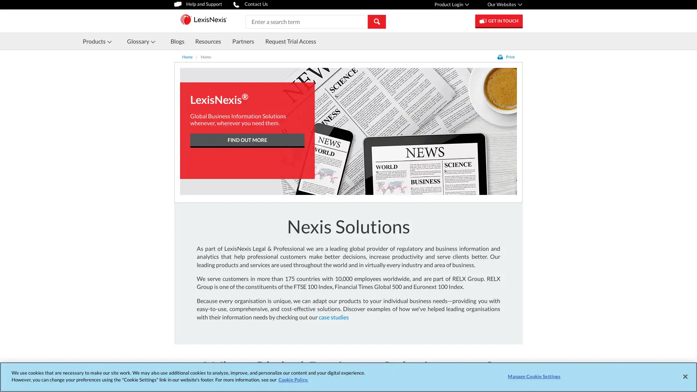 This screenshot has height=392, width=697. I want to click on Close, so click(685, 376).